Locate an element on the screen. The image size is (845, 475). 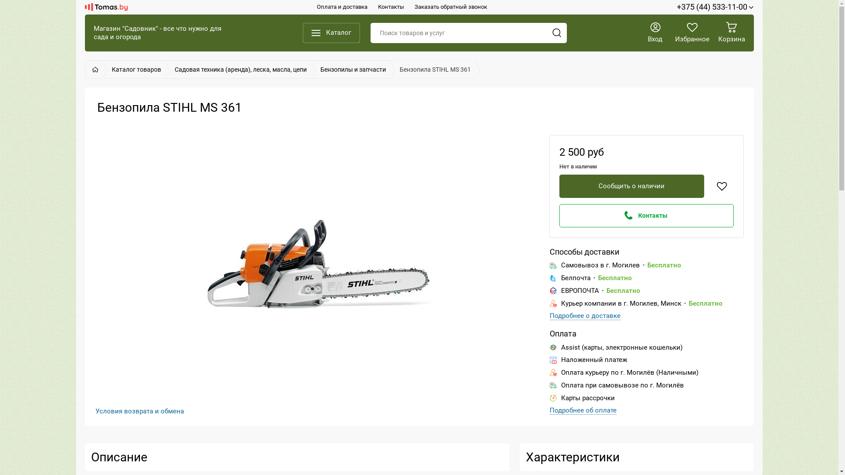
'+375 (44) 533-11-00' is located at coordinates (715, 7).